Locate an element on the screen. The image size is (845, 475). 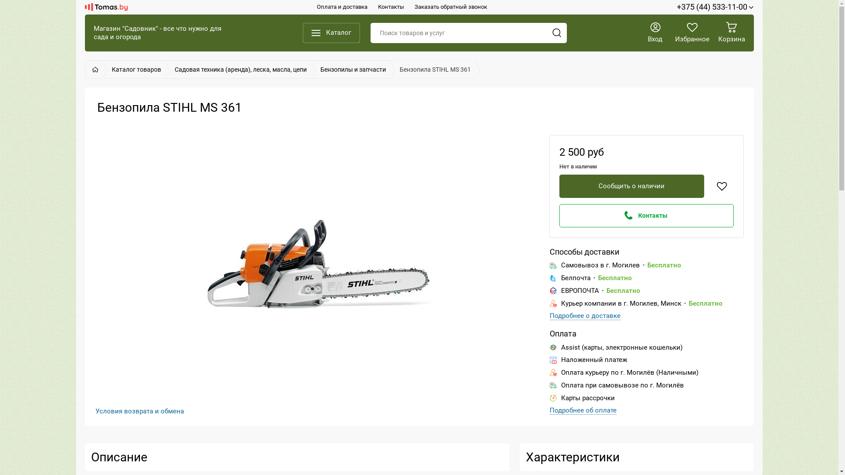
'+375 (44) 533-11-00' is located at coordinates (715, 7).